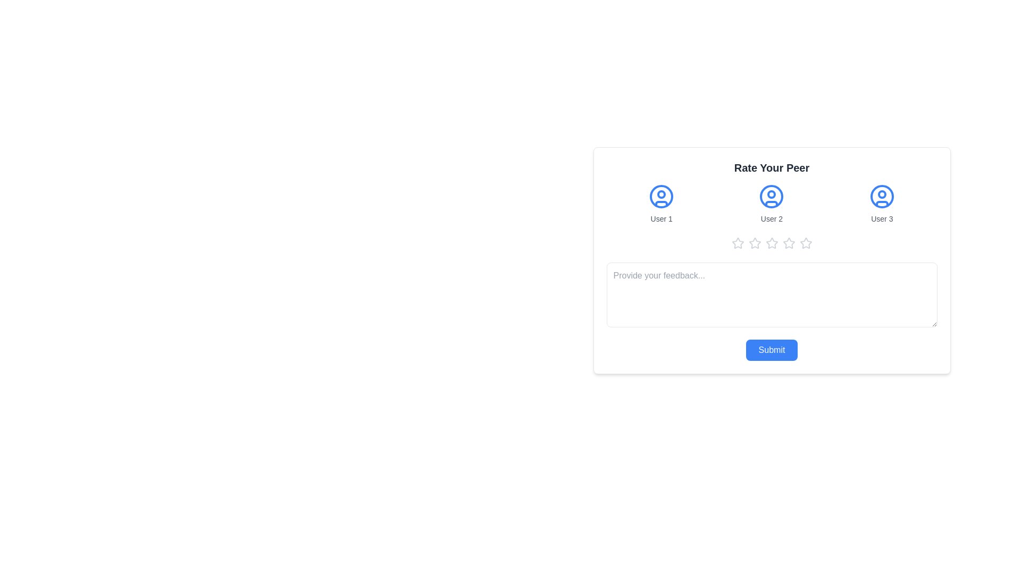 This screenshot has height=574, width=1021. What do you see at coordinates (754, 243) in the screenshot?
I see `the star corresponding to 2 to set the rating` at bounding box center [754, 243].